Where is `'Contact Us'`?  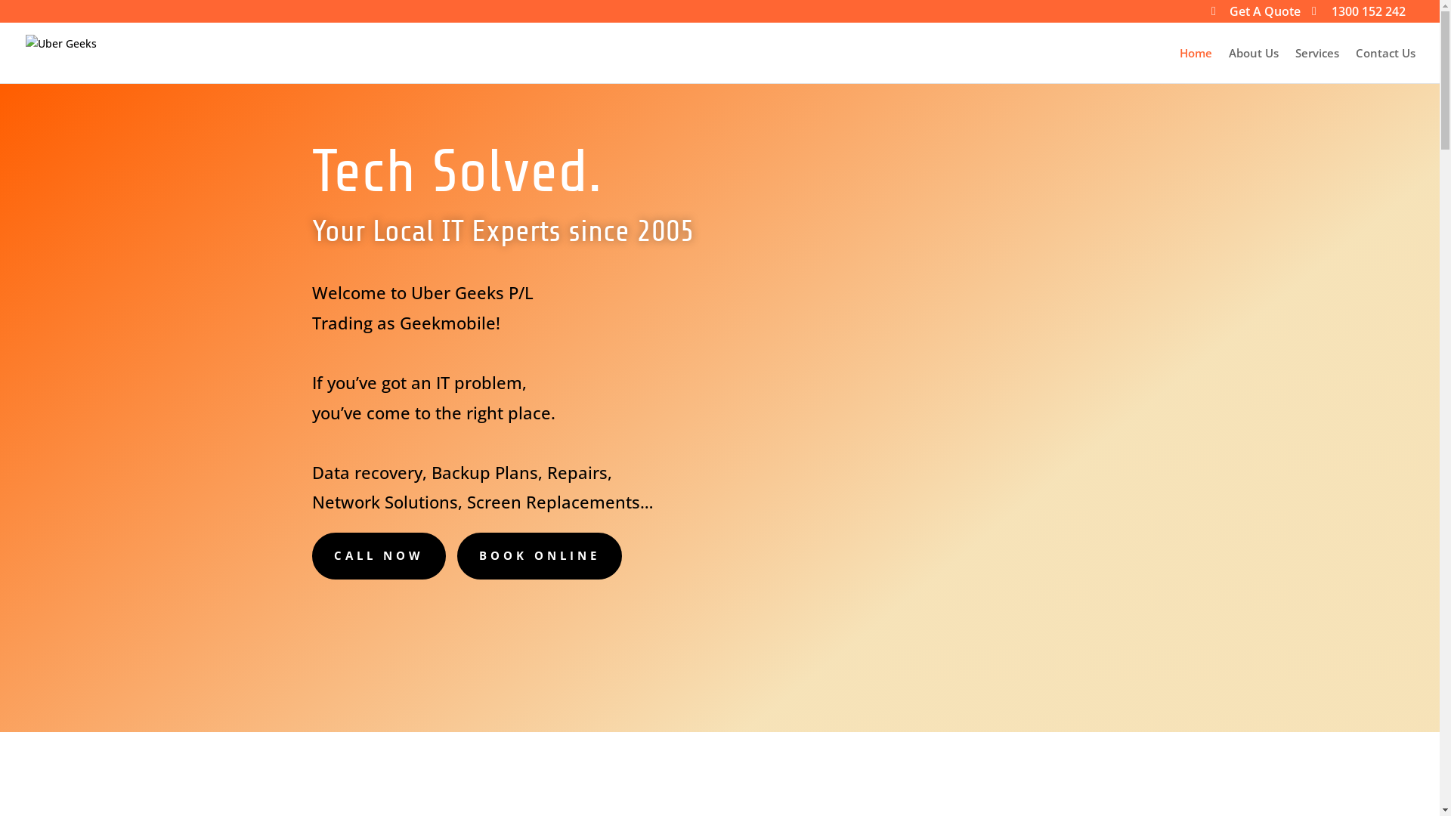 'Contact Us' is located at coordinates (1385, 64).